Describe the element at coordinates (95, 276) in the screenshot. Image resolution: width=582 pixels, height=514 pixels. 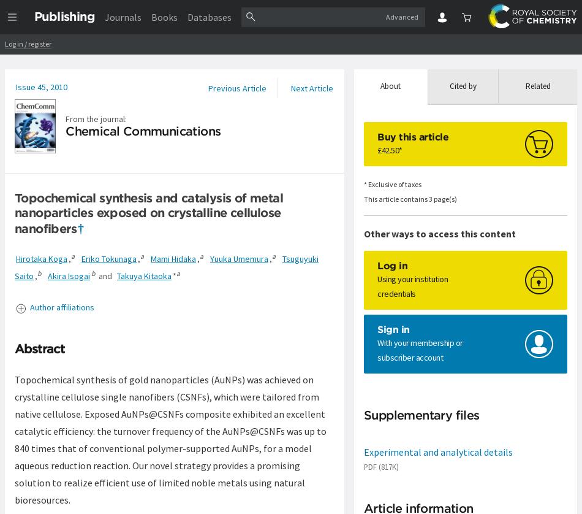
I see `'and'` at that location.